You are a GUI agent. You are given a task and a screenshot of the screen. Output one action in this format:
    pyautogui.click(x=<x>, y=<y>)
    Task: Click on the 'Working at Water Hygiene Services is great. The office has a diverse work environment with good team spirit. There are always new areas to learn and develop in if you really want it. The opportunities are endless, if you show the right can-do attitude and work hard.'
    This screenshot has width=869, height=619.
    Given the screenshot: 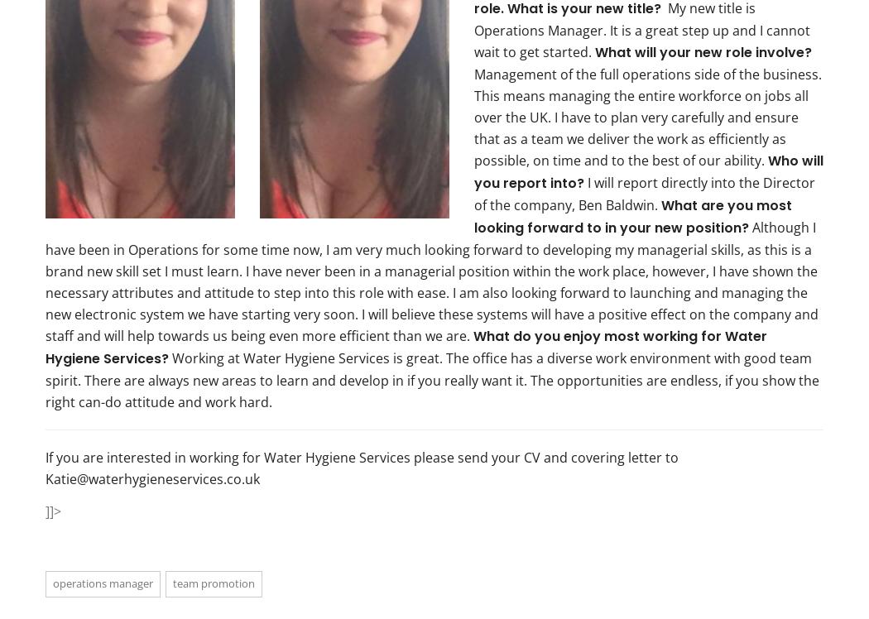 What is the action you would take?
    pyautogui.click(x=431, y=378)
    